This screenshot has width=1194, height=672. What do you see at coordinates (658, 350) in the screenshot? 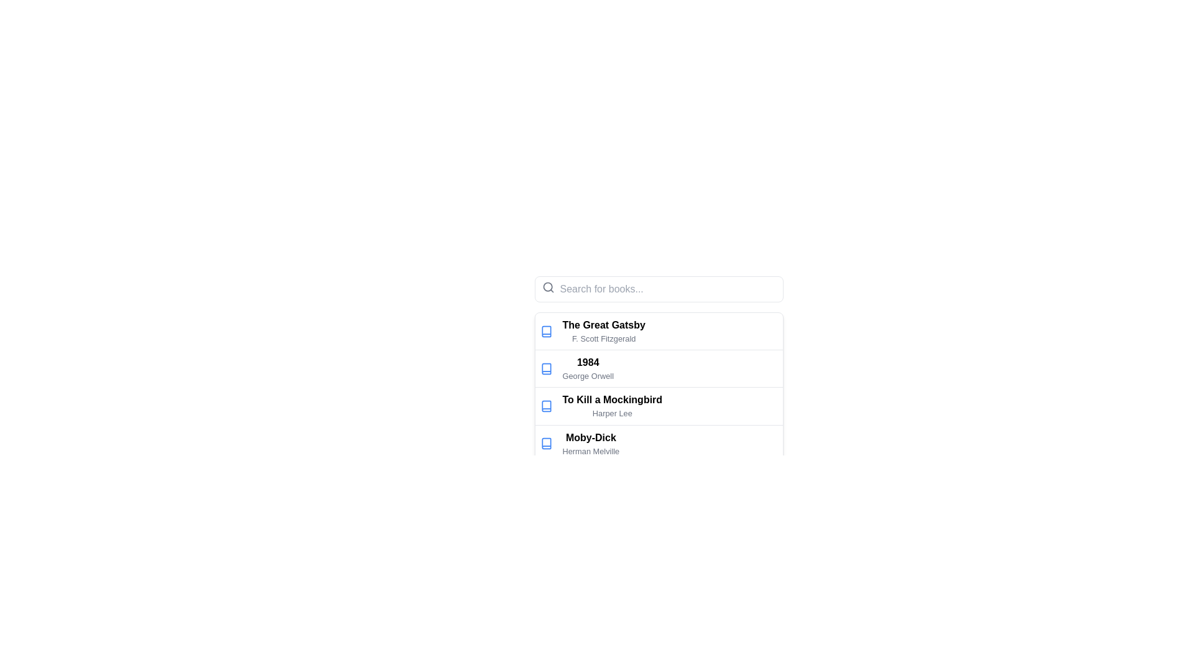
I see `the second list item displaying a literary work title and author name` at bounding box center [658, 350].